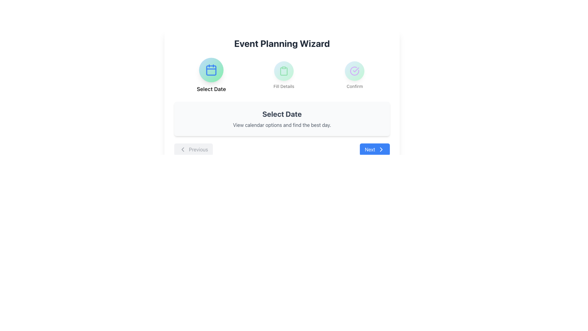 Image resolution: width=588 pixels, height=331 pixels. Describe the element at coordinates (355, 75) in the screenshot. I see `the circular 'Confirm' button with a gradient background from light blue` at that location.